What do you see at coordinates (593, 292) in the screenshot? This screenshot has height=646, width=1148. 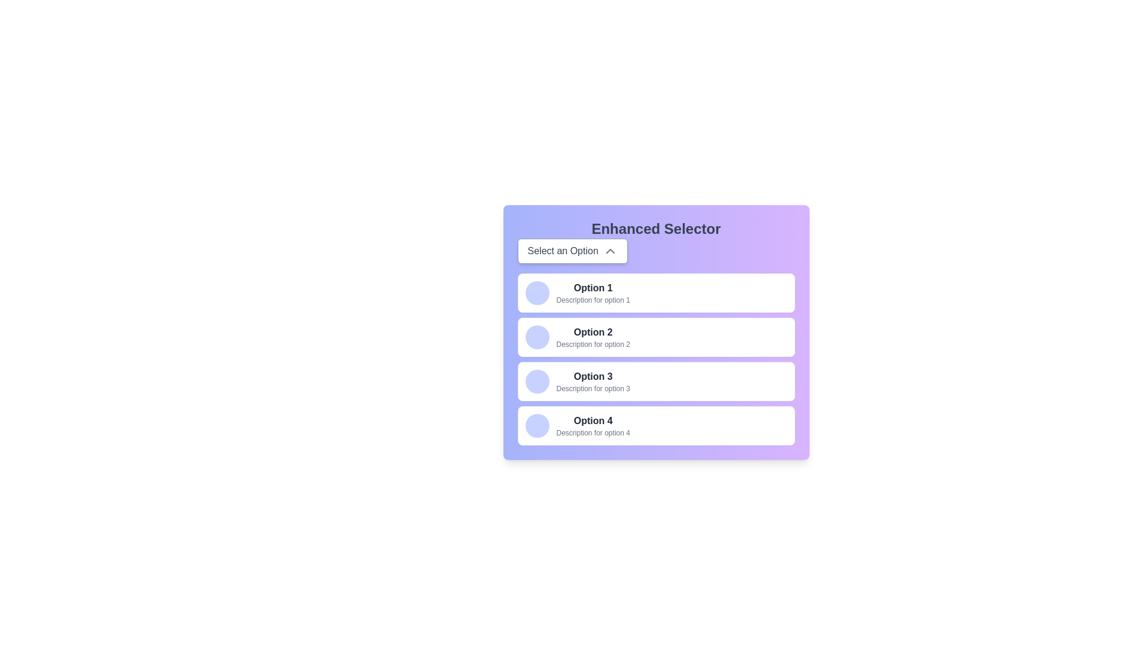 I see `the first selectable list item located` at bounding box center [593, 292].